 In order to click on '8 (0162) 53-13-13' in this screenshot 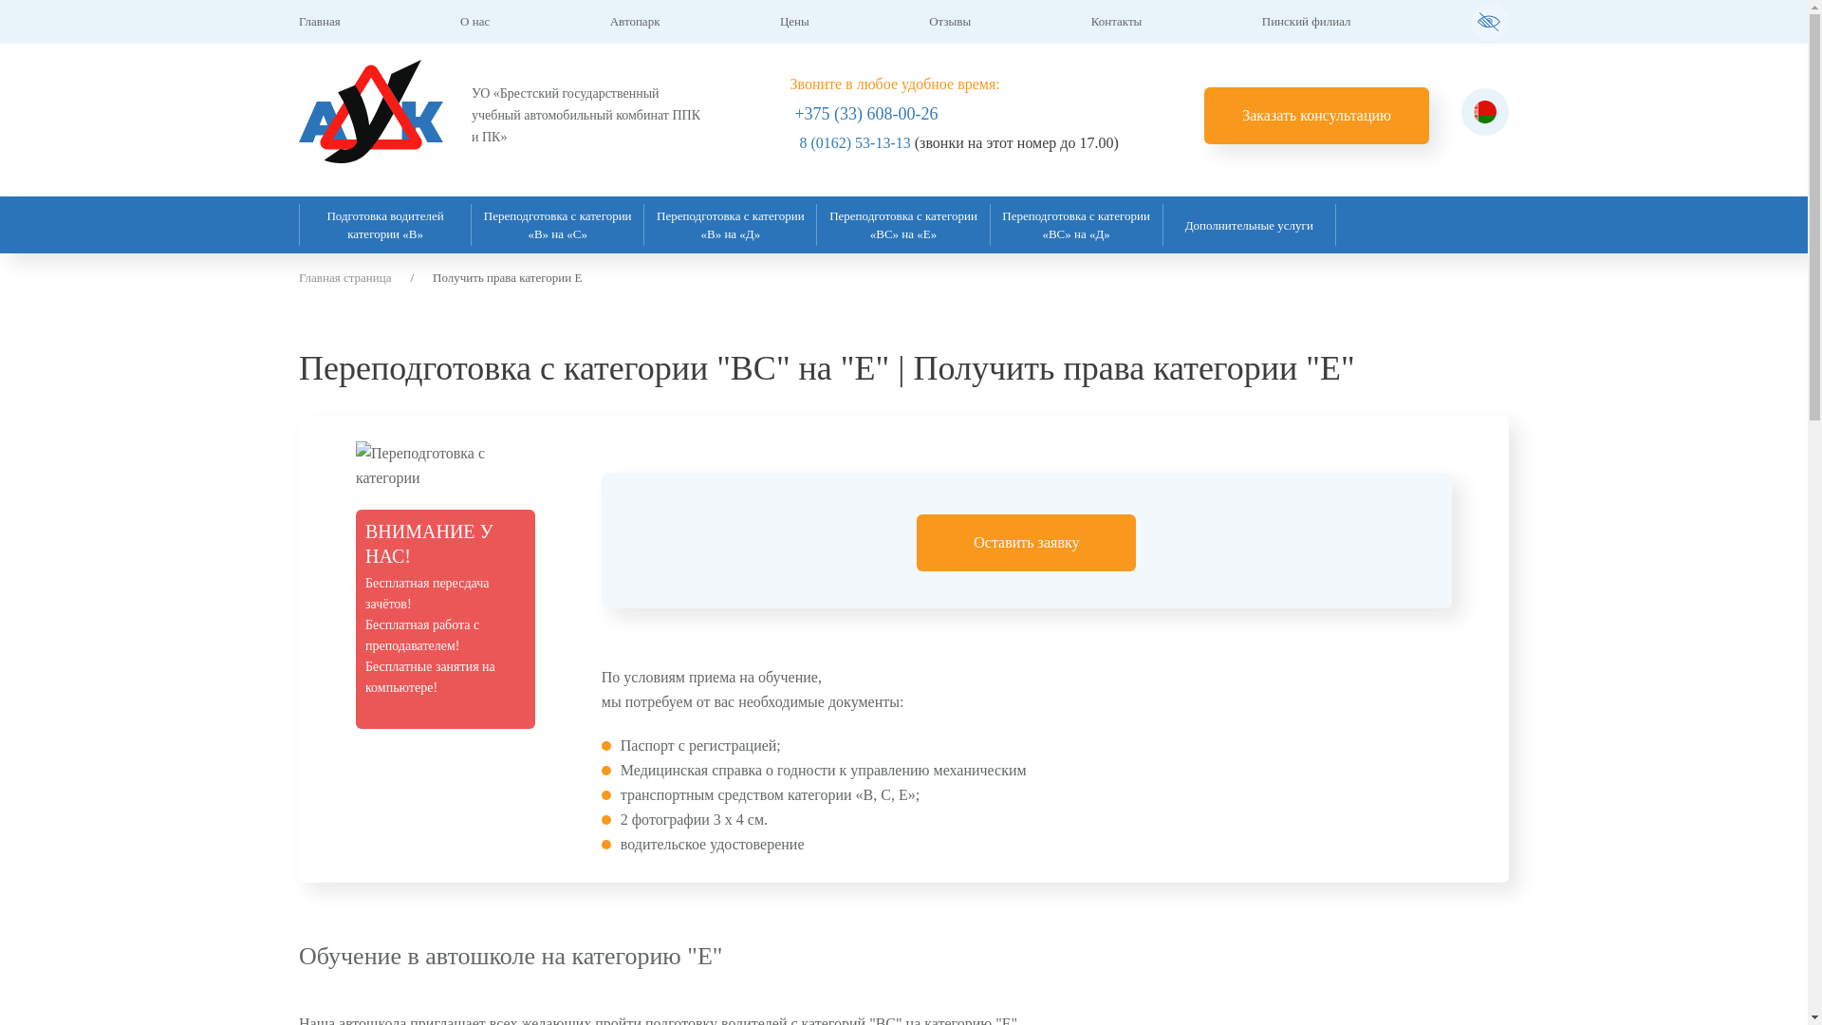, I will do `click(853, 141)`.